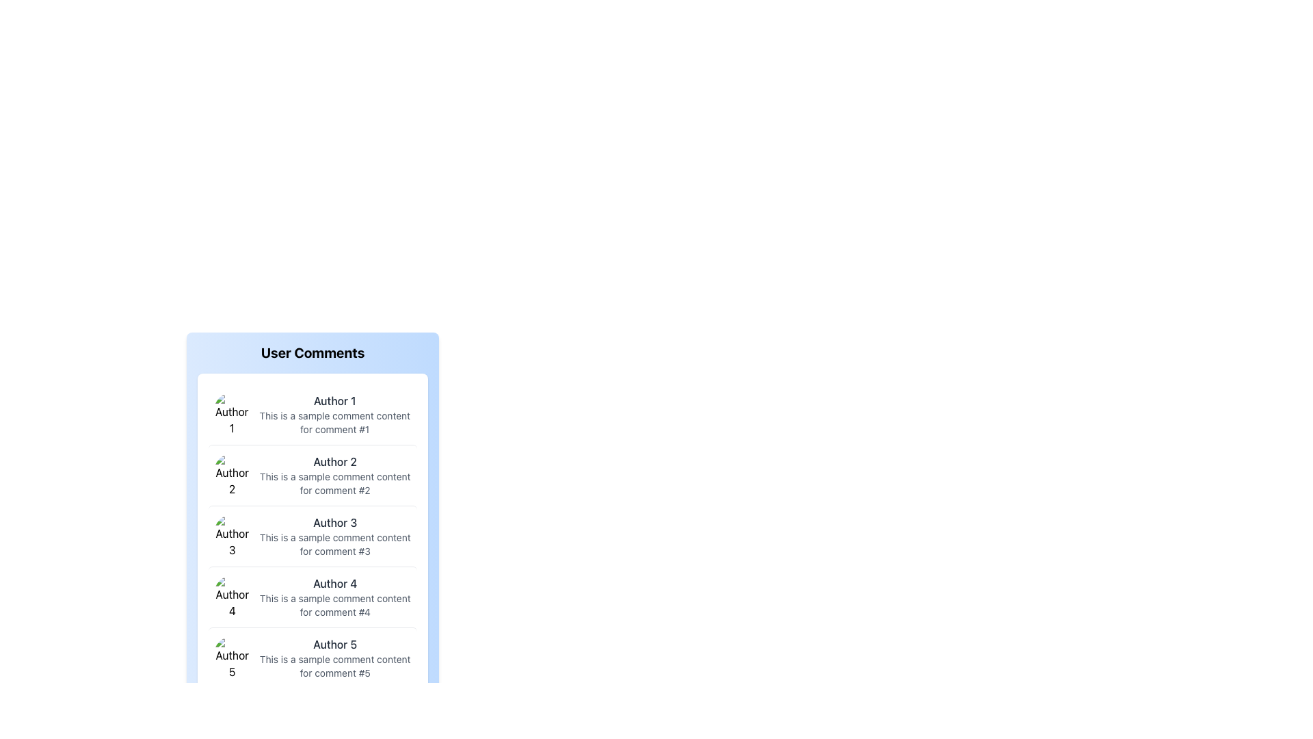 This screenshot has width=1313, height=739. Describe the element at coordinates (312, 413) in the screenshot. I see `the first comment in the user comments list, which includes the author's name 'Author 1' and the comment text 'This is a sample comment content for comment #1'` at that location.